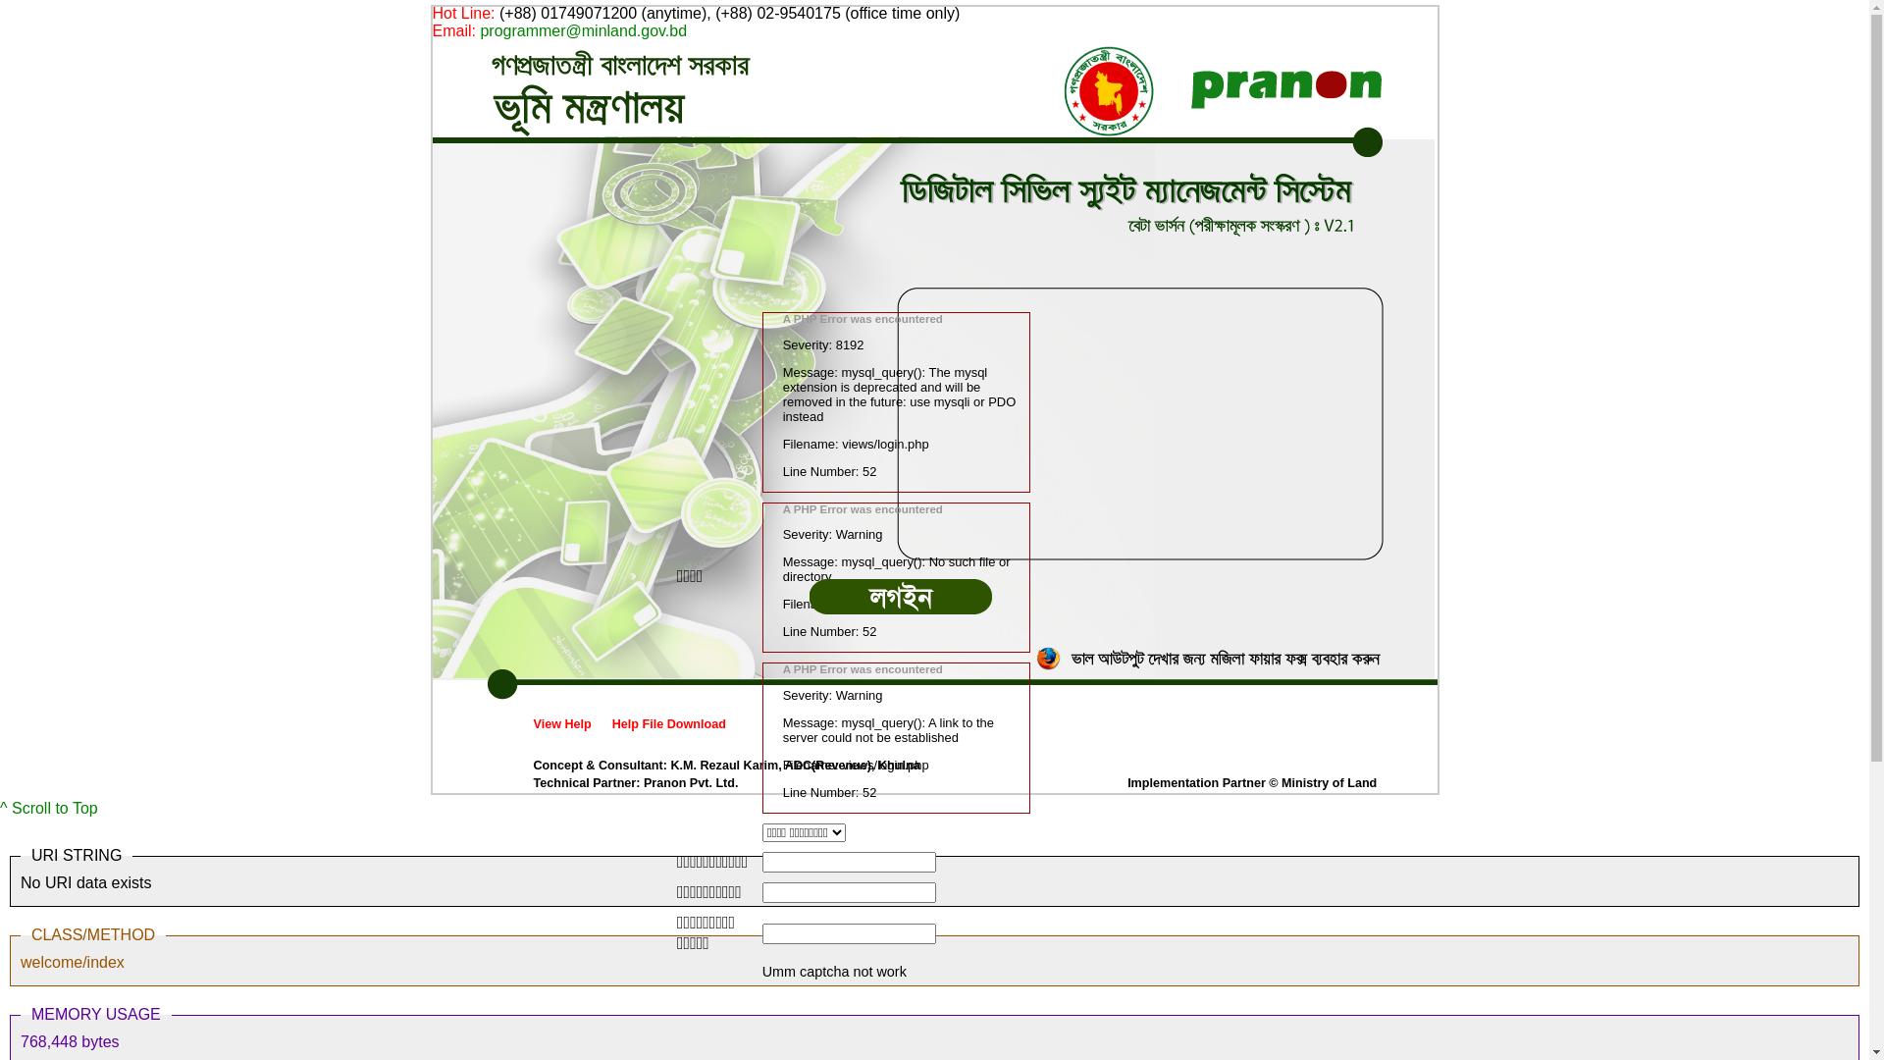 This screenshot has height=1060, width=1884. I want to click on 'View Help', so click(561, 723).